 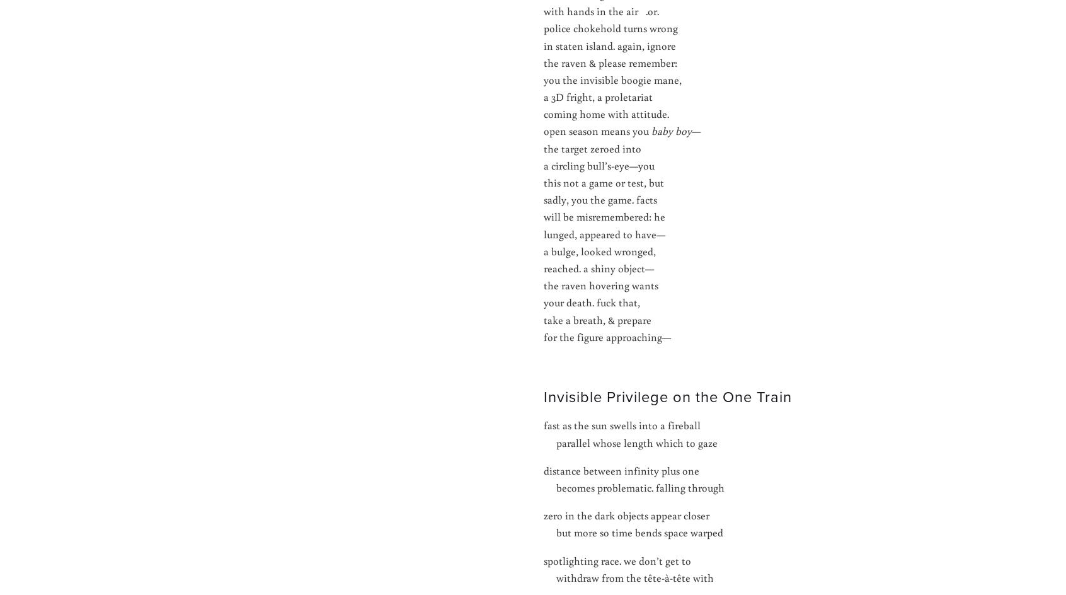 What do you see at coordinates (612, 79) in the screenshot?
I see `'you the invisible boogie mane,'` at bounding box center [612, 79].